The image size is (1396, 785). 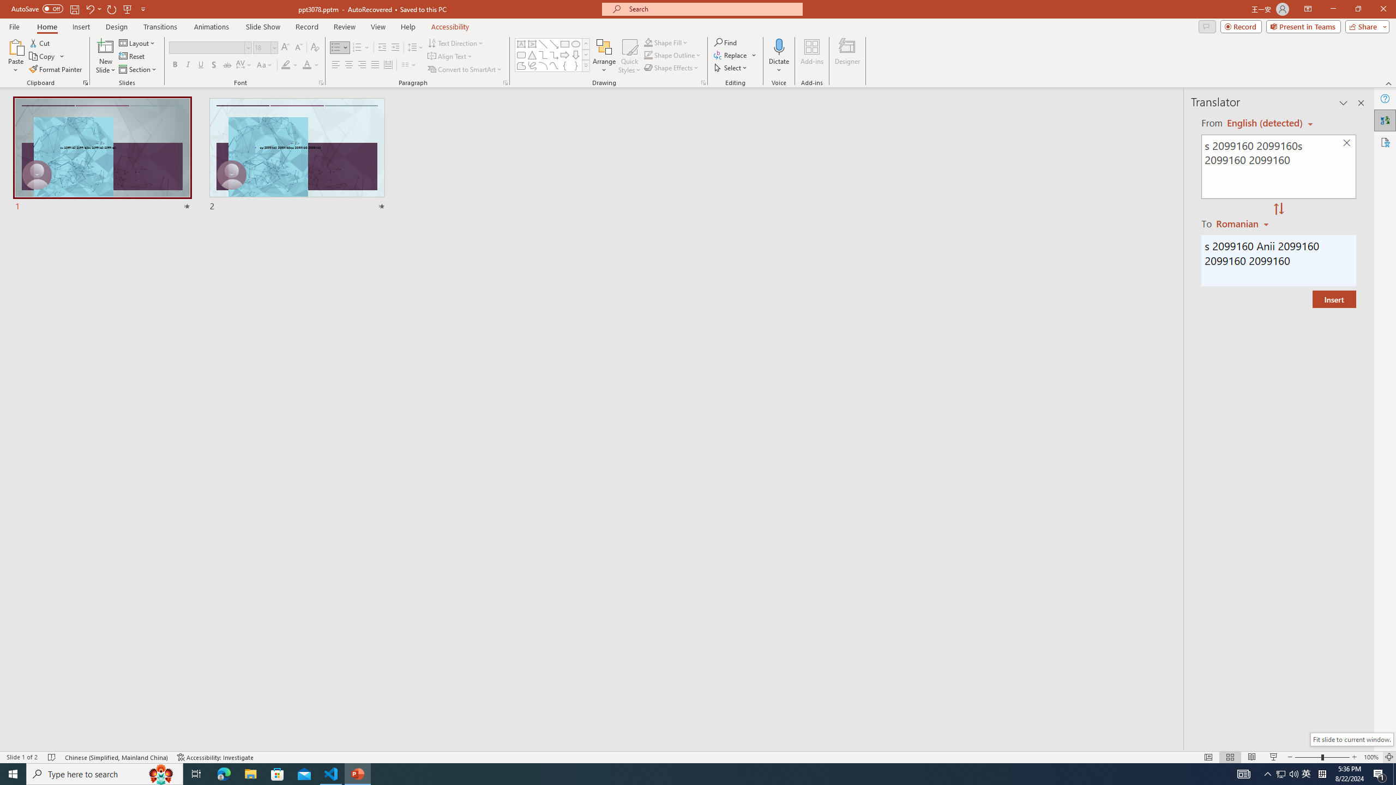 What do you see at coordinates (56, 69) in the screenshot?
I see `'Format Painter'` at bounding box center [56, 69].